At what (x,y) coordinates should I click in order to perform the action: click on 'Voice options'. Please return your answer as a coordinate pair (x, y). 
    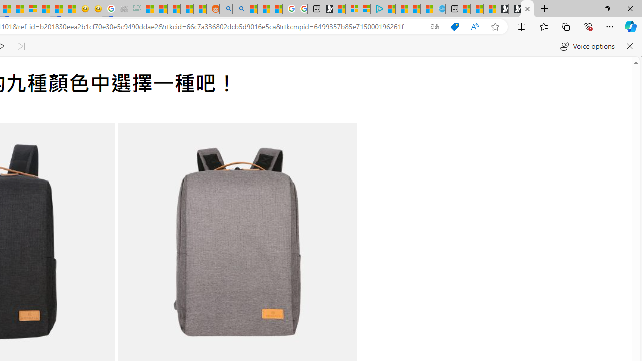
    Looking at the image, I should click on (587, 46).